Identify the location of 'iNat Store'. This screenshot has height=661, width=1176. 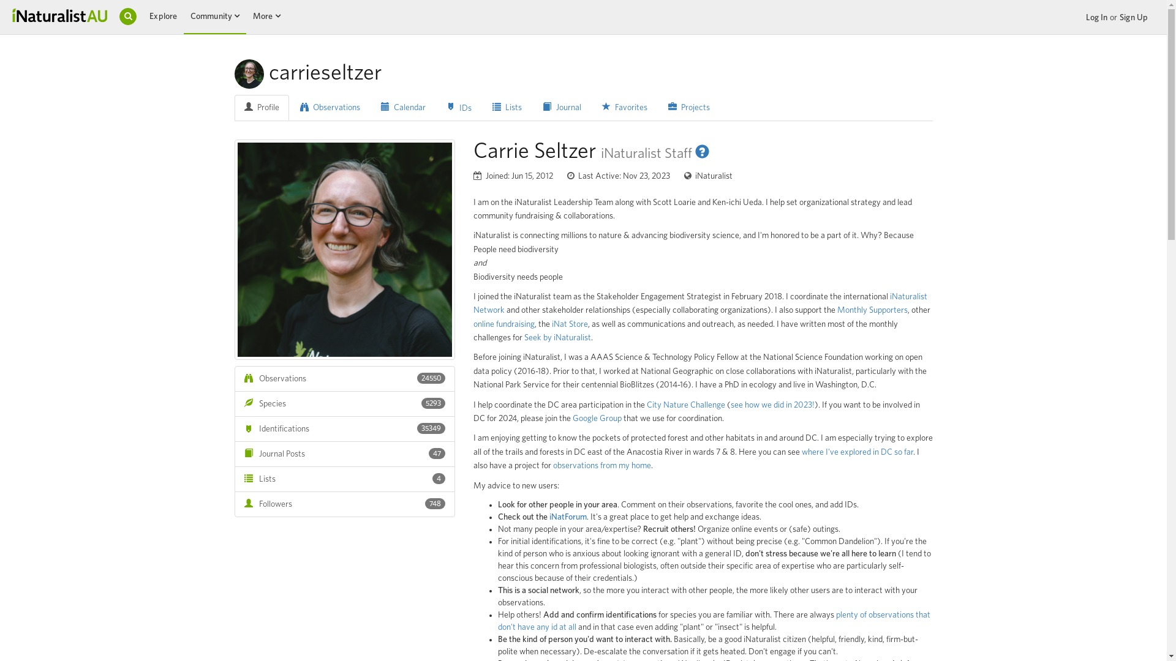
(568, 323).